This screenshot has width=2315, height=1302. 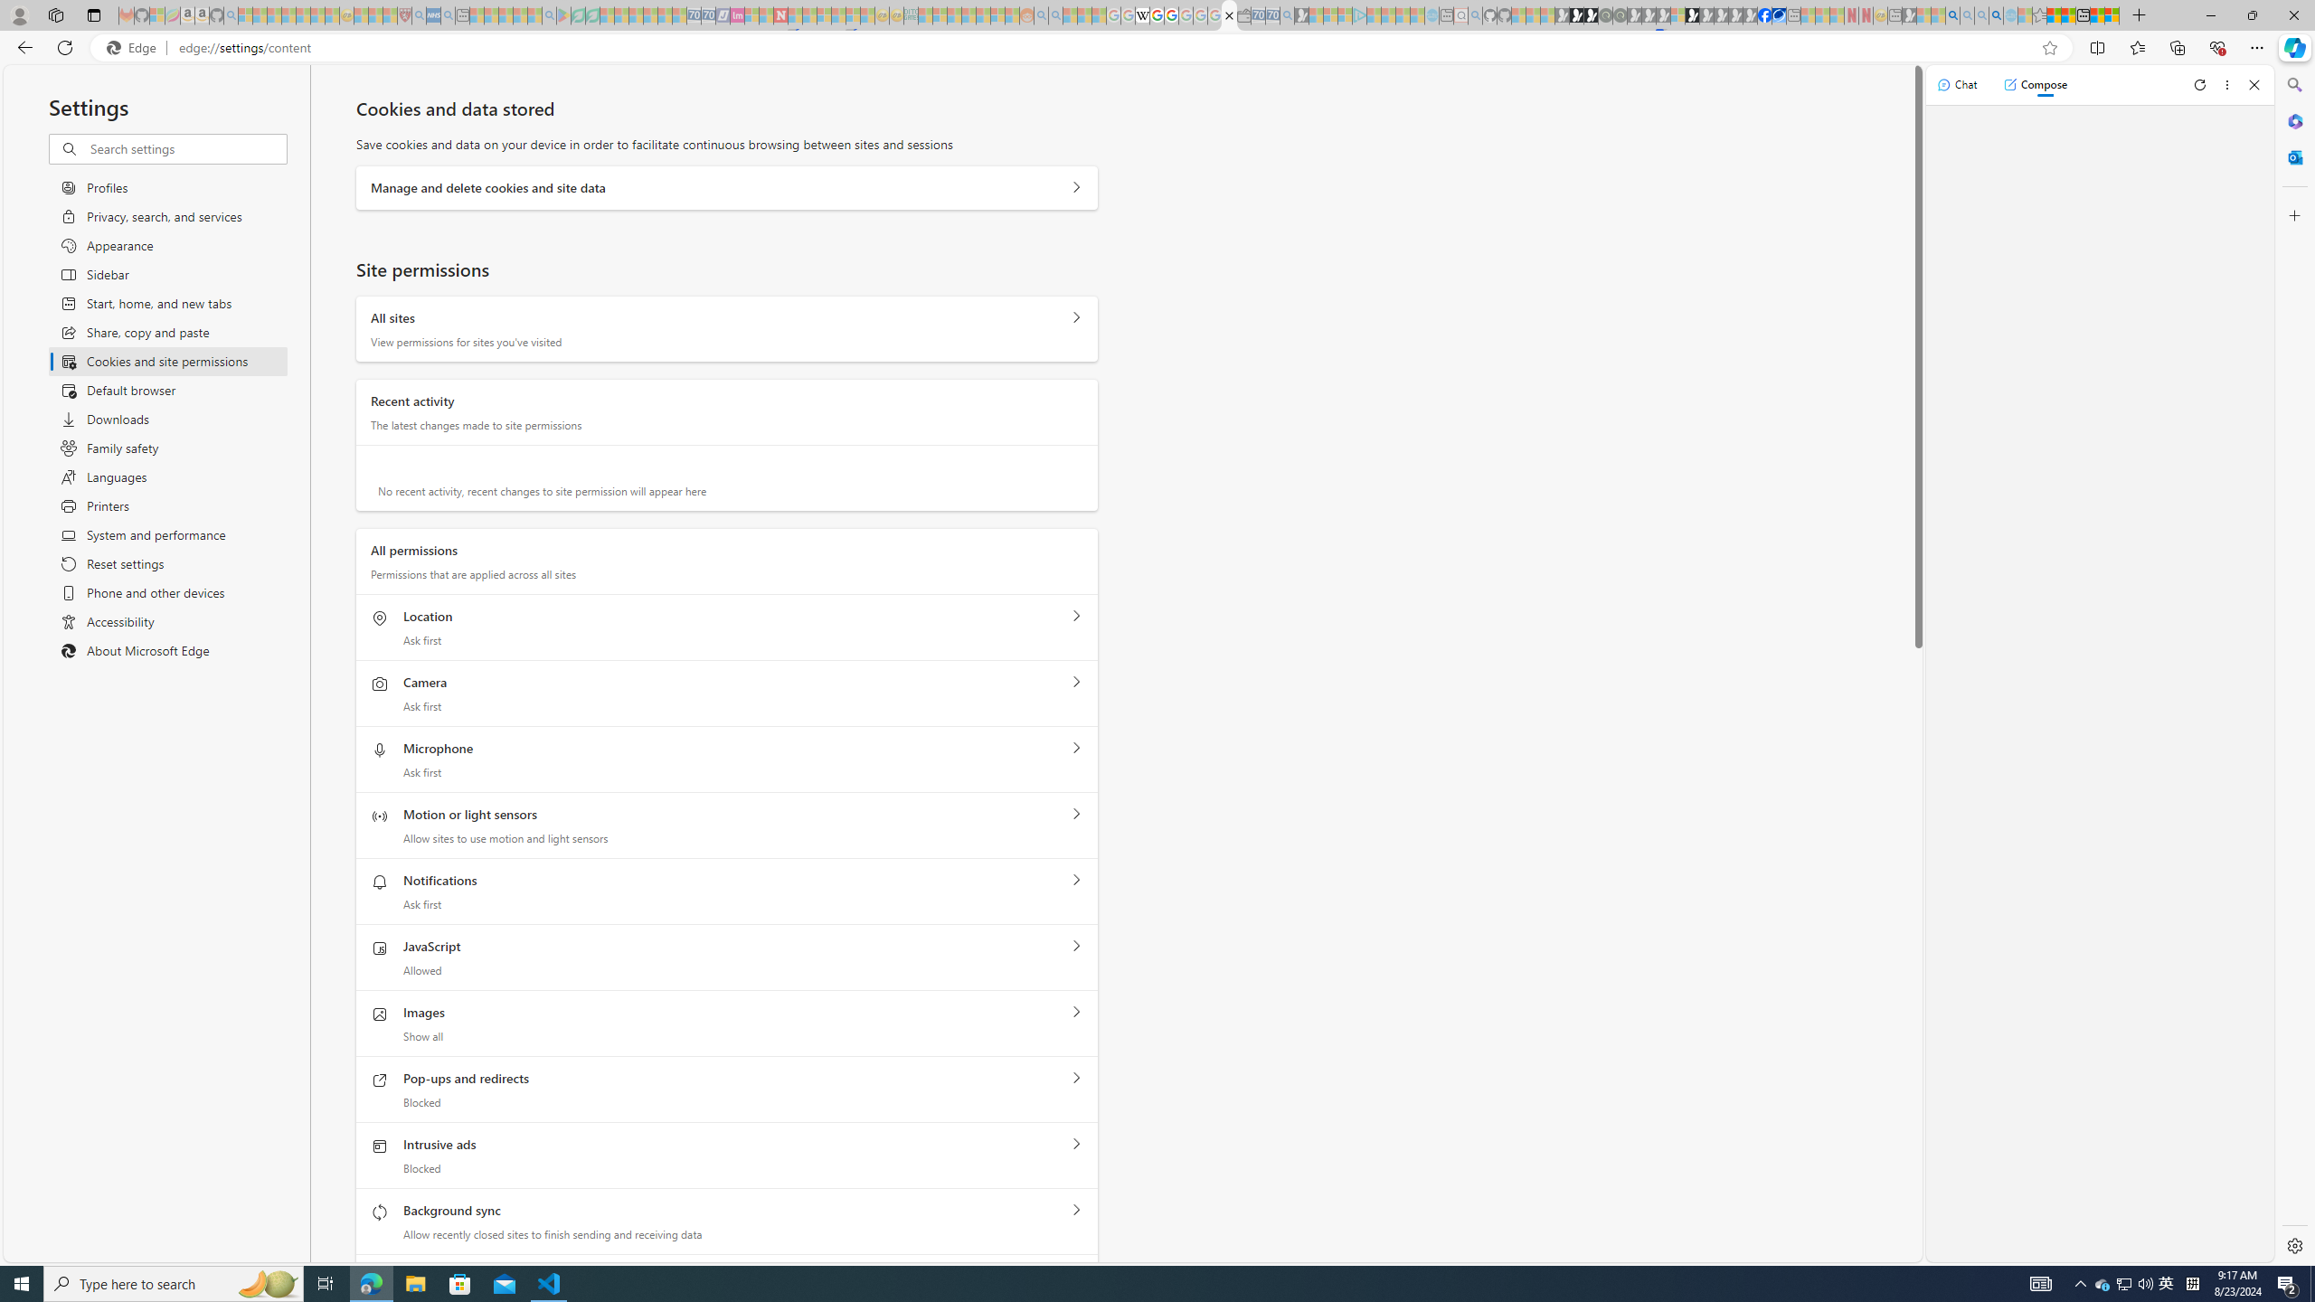 I want to click on 'Bing Real Estate - Home sales and rental listings - Sleeping', so click(x=1286, y=14).